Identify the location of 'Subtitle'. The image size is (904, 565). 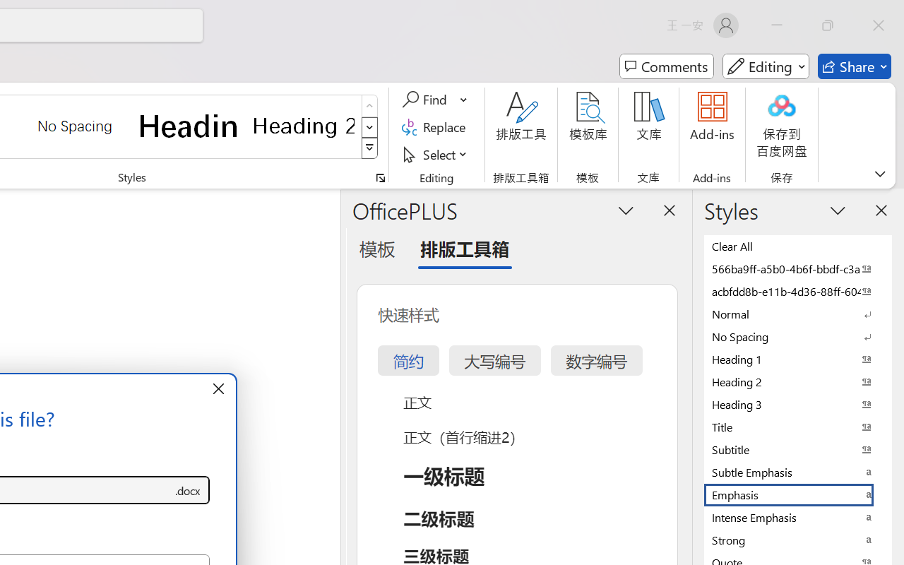
(798, 448).